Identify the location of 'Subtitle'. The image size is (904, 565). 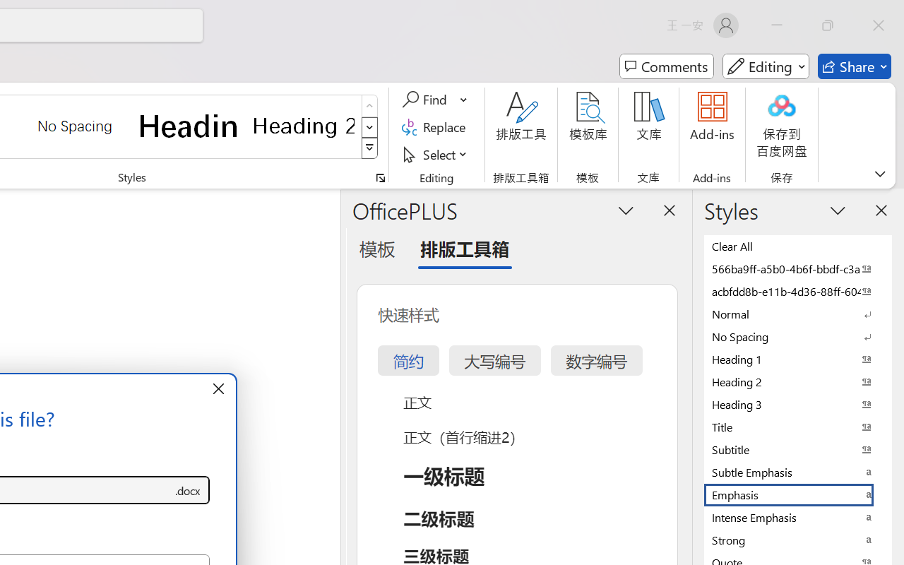
(798, 448).